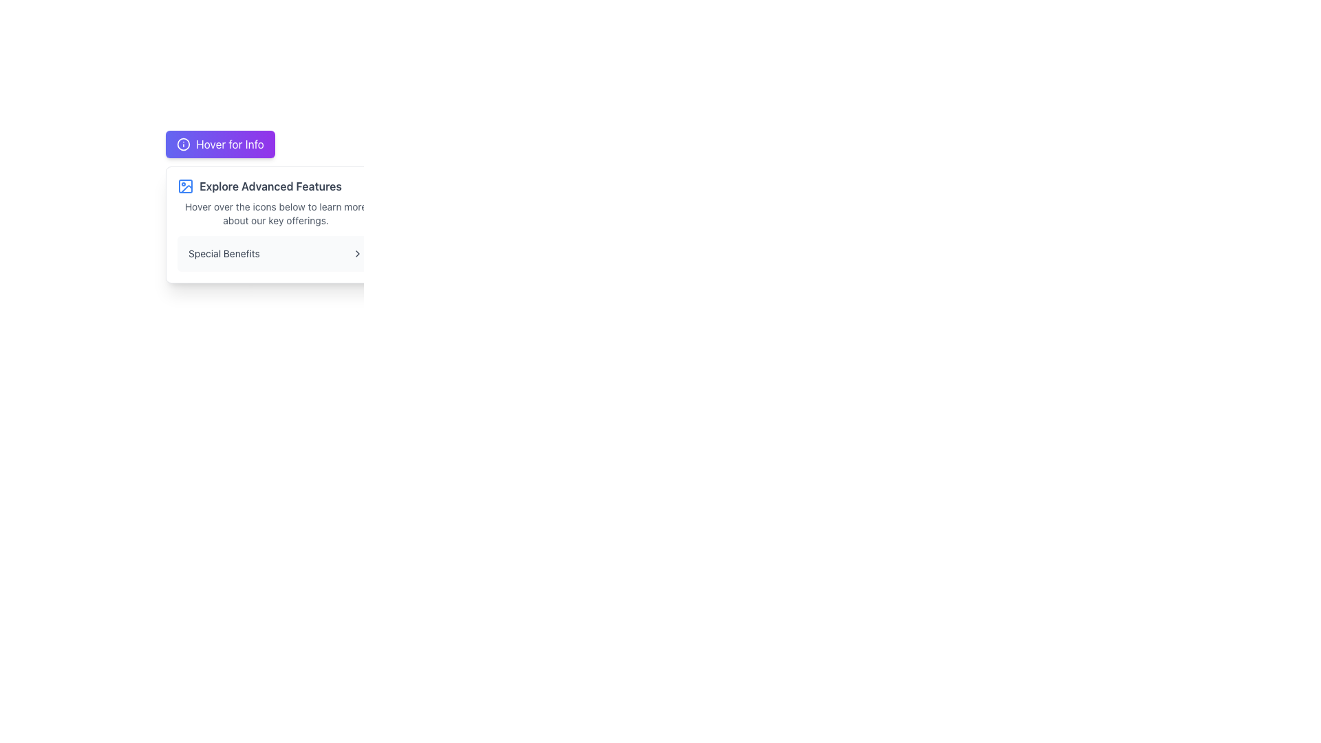 The width and height of the screenshot is (1321, 743). Describe the element at coordinates (220, 144) in the screenshot. I see `the button styled with a gradient background transitioning from indigo to purple, featuring white text 'Hover for Info' and an info icon on the left` at that location.